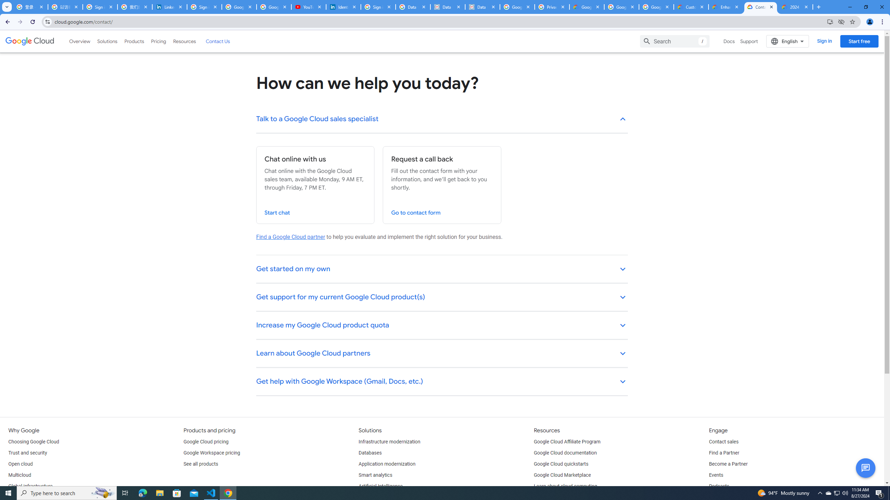 The width and height of the screenshot is (890, 500). Describe the element at coordinates (562, 475) in the screenshot. I see `'Google Cloud Marketplace'` at that location.